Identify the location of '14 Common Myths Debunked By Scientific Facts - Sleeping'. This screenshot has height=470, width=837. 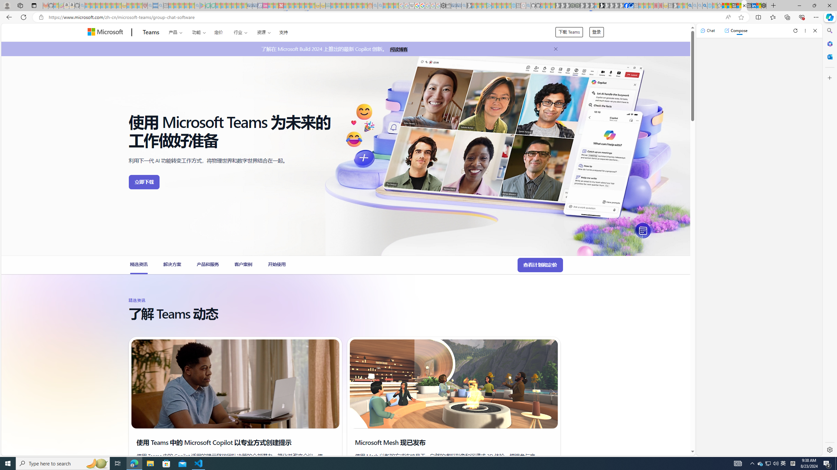
(292, 5).